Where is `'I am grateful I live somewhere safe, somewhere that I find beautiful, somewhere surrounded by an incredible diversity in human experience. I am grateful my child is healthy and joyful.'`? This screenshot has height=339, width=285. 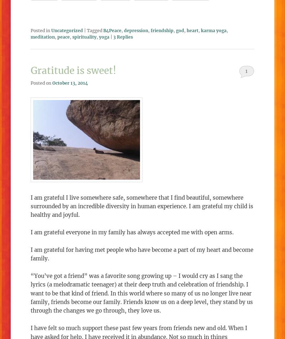 'I am grateful I live somewhere safe, somewhere that I find beautiful, somewhere surrounded by an incredible diversity in human experience. I am grateful my child is healthy and joyful.' is located at coordinates (141, 205).